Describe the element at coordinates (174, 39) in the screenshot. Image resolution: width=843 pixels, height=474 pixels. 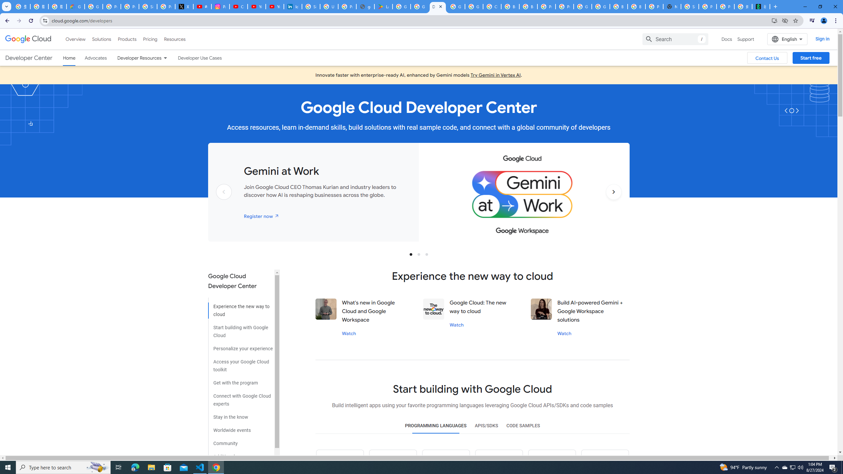
I see `'Resources'` at that location.